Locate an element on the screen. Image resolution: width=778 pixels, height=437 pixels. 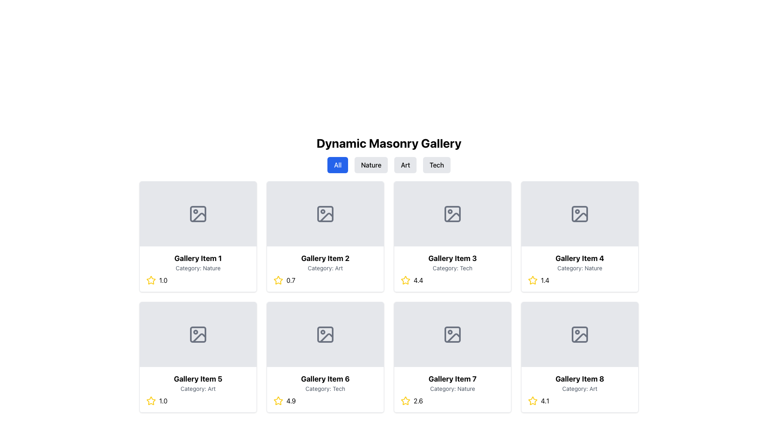
the card displaying 'Gallery Item 7' with subtext 'Category: Nature' and a rating of '2.6' located in the second row, third column of the masonry gallery is located at coordinates (452, 389).